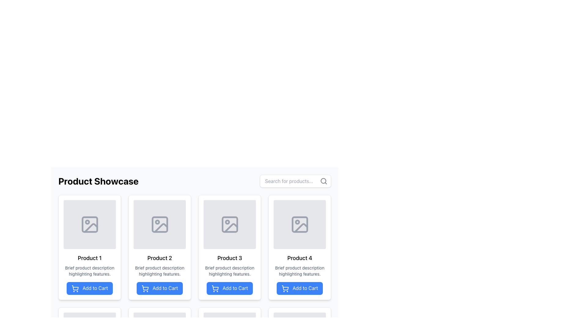 The width and height of the screenshot is (587, 330). What do you see at coordinates (300, 271) in the screenshot?
I see `the text element styled as a description located in the fourth card of the product grid layout, which is beneath the title 'Product 4' and above the 'Add to Cart' button` at bounding box center [300, 271].